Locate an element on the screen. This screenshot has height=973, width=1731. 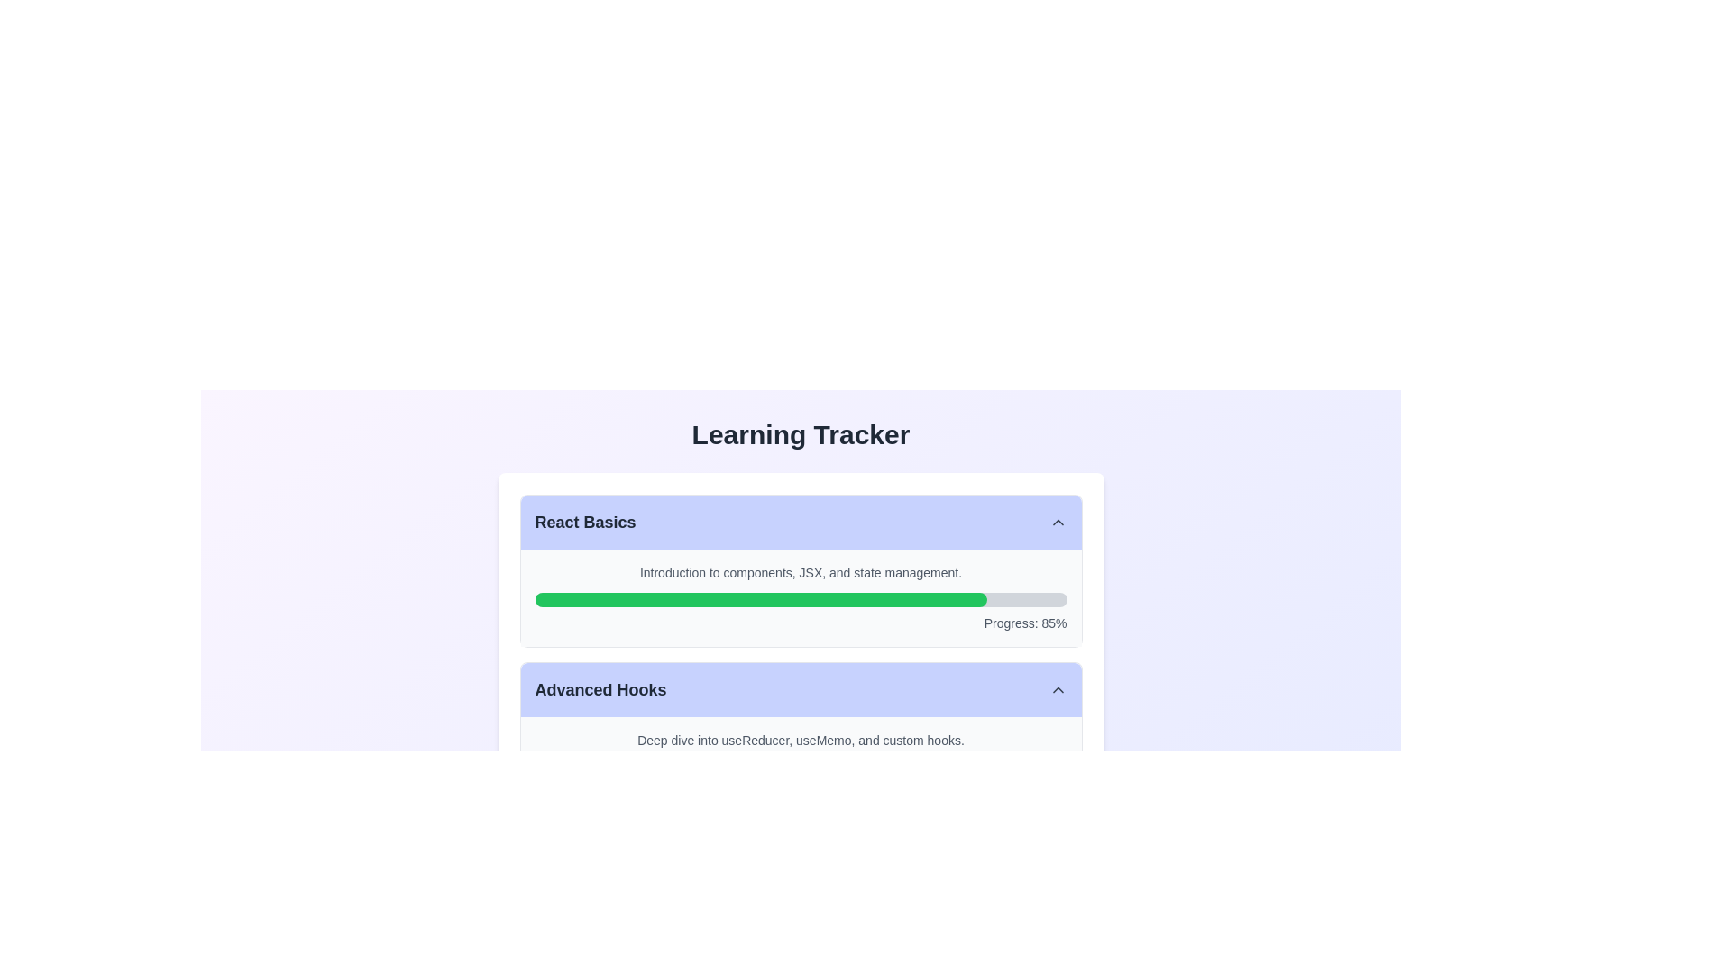
the toggle button (chevron icon) located in the upper-right corner of the 'React Basics' card to observe potential highlight effects is located at coordinates (1058, 522).